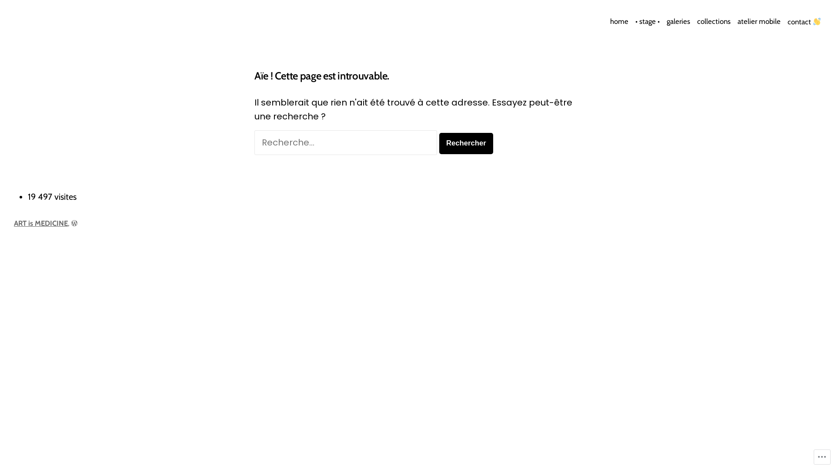 This screenshot has height=469, width=835. What do you see at coordinates (620, 21) in the screenshot?
I see `'home'` at bounding box center [620, 21].